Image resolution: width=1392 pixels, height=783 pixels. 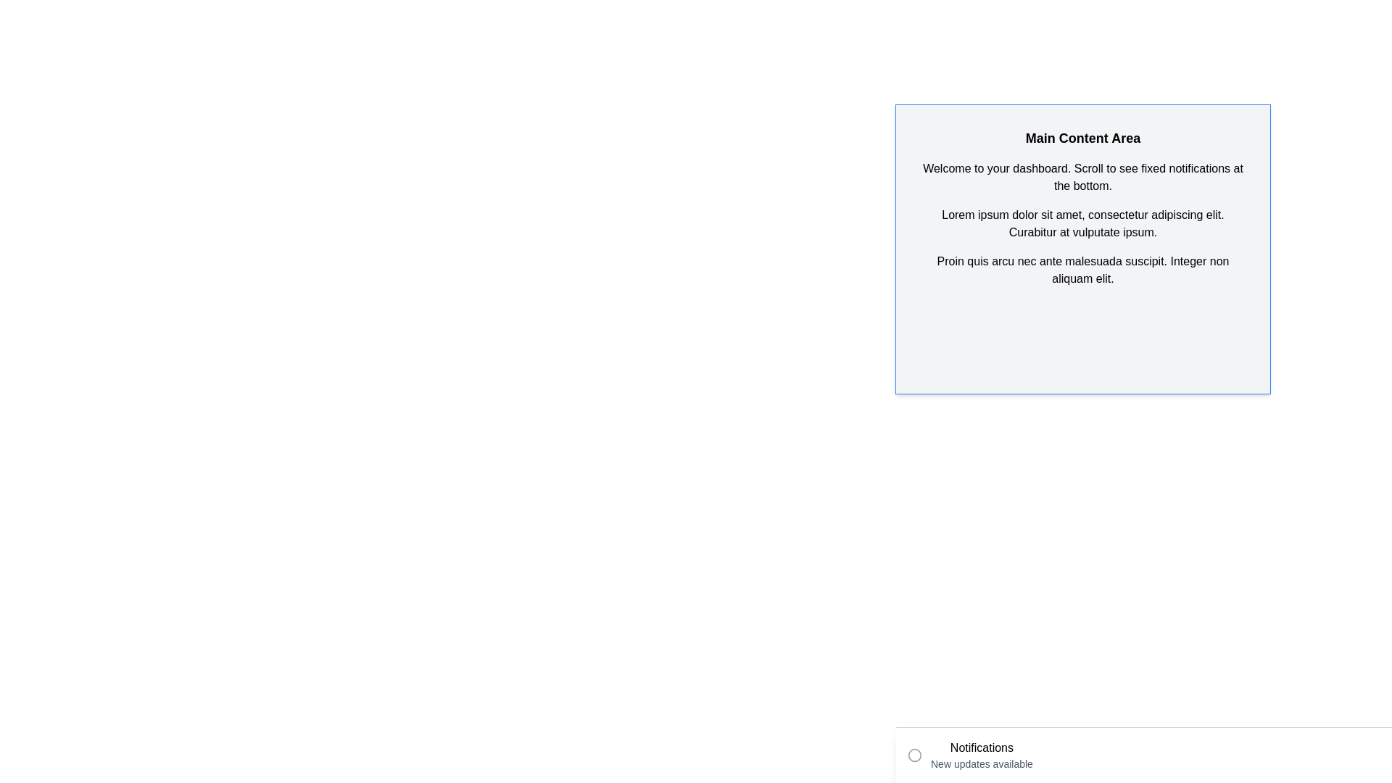 I want to click on the informational Static Text element that provides guidance regarding the dashboard layout, suggesting actions like scrolling, so click(x=1082, y=177).